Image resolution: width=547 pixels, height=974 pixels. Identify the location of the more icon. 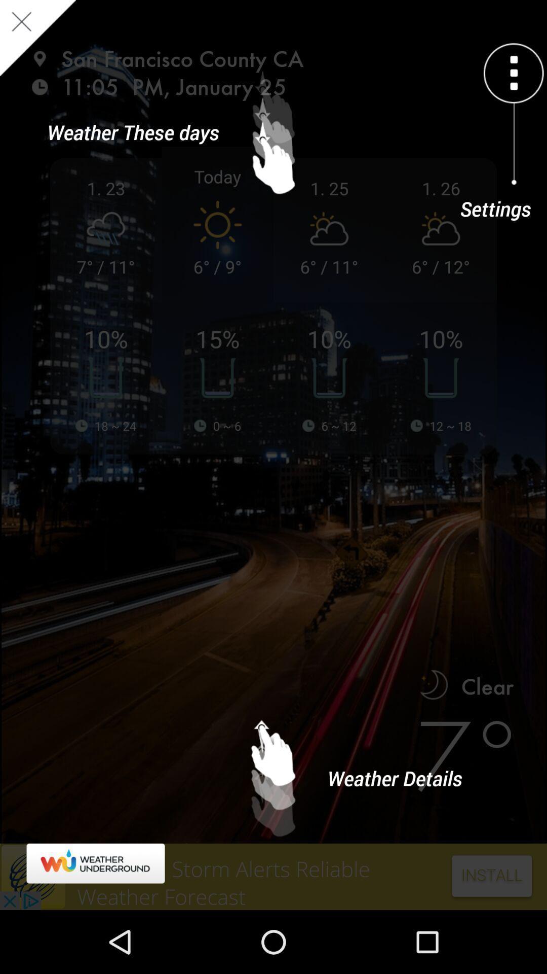
(514, 73).